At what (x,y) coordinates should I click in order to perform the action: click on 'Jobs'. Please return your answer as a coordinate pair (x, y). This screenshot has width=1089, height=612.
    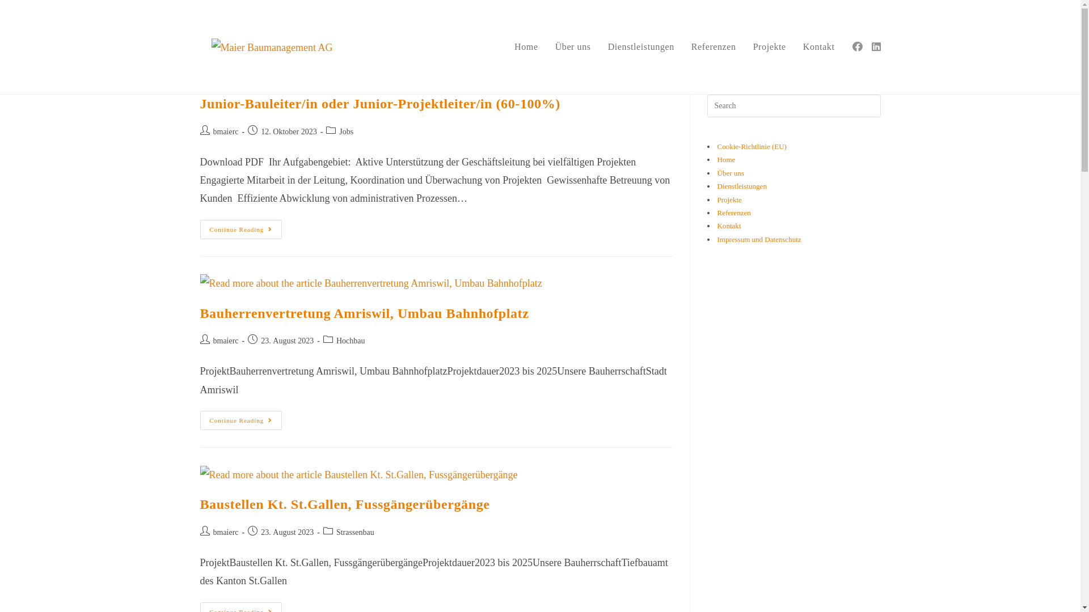
    Looking at the image, I should click on (339, 131).